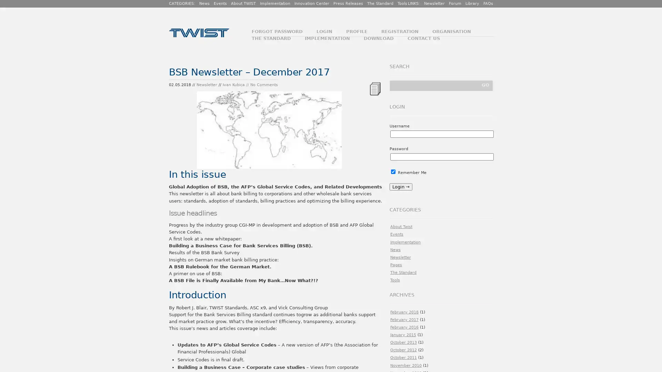  What do you see at coordinates (401, 187) in the screenshot?
I see `Login` at bounding box center [401, 187].